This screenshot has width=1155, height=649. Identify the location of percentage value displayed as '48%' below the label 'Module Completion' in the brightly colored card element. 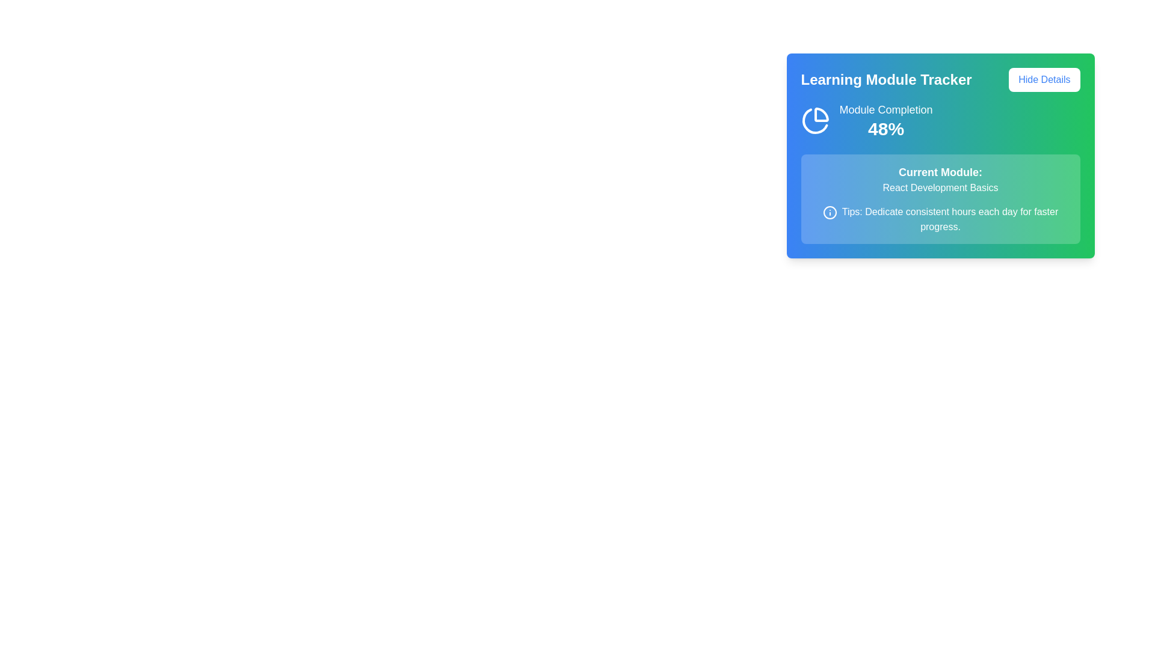
(886, 129).